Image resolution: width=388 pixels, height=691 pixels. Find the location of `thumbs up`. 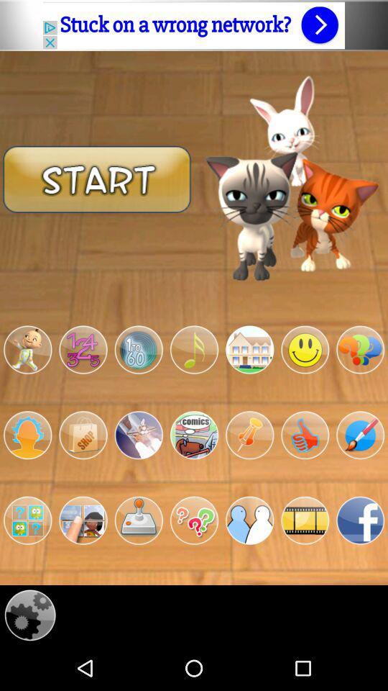

thumbs up is located at coordinates (304, 434).